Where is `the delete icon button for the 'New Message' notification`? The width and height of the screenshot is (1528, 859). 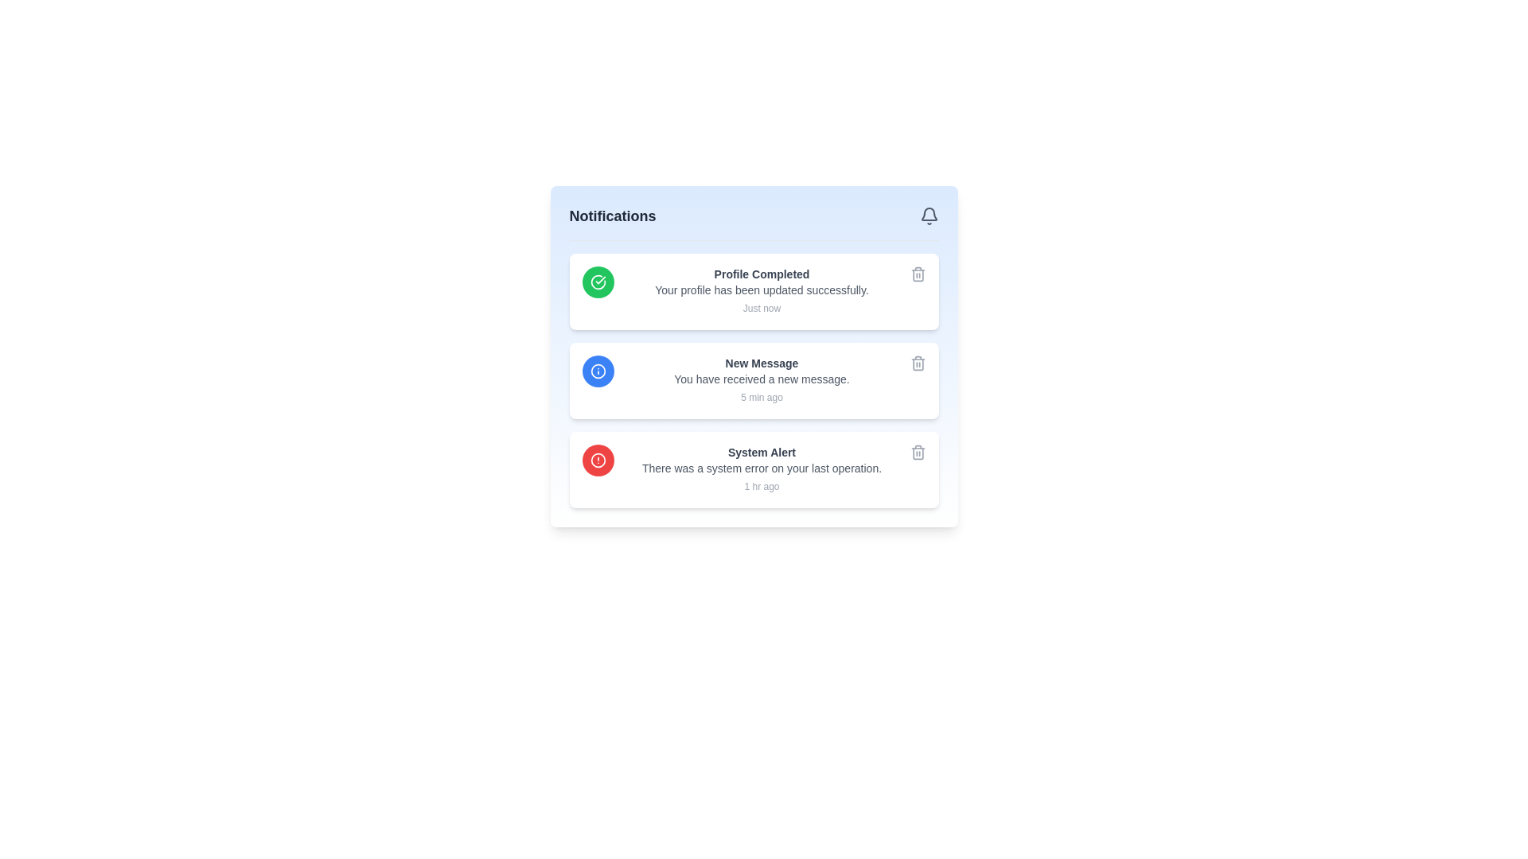 the delete icon button for the 'New Message' notification is located at coordinates (918, 363).